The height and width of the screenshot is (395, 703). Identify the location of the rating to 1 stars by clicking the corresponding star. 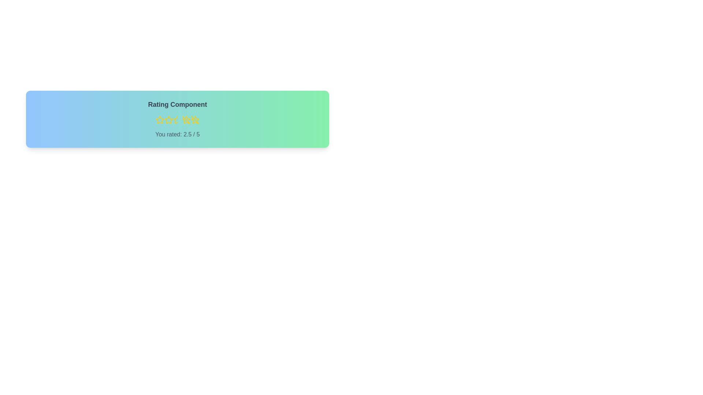
(159, 119).